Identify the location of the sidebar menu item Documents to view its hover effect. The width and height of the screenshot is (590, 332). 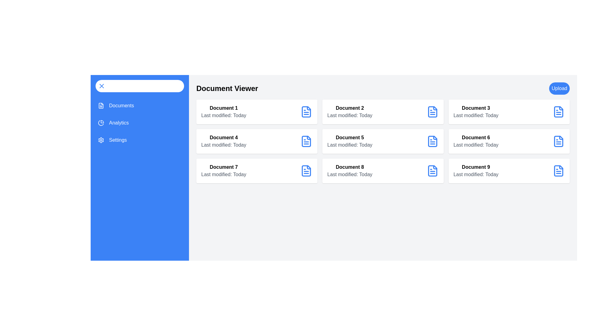
(140, 105).